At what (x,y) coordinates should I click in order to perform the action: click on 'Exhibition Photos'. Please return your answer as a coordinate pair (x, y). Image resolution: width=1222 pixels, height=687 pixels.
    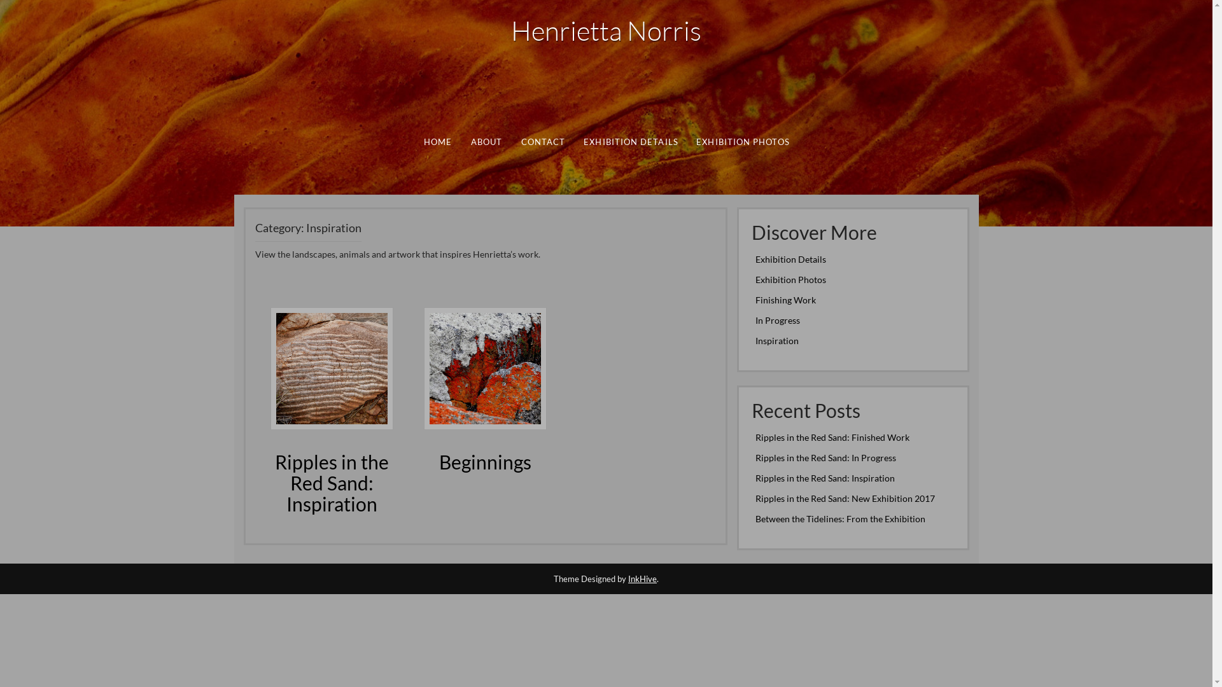
    Looking at the image, I should click on (789, 279).